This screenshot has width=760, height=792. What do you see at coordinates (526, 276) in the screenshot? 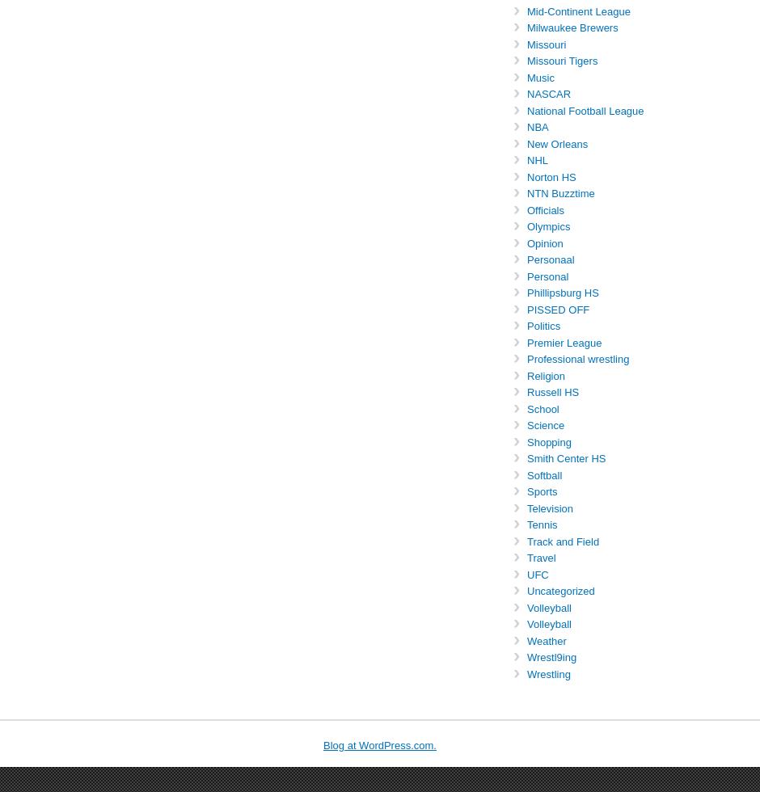
I see `'Personal'` at bounding box center [526, 276].